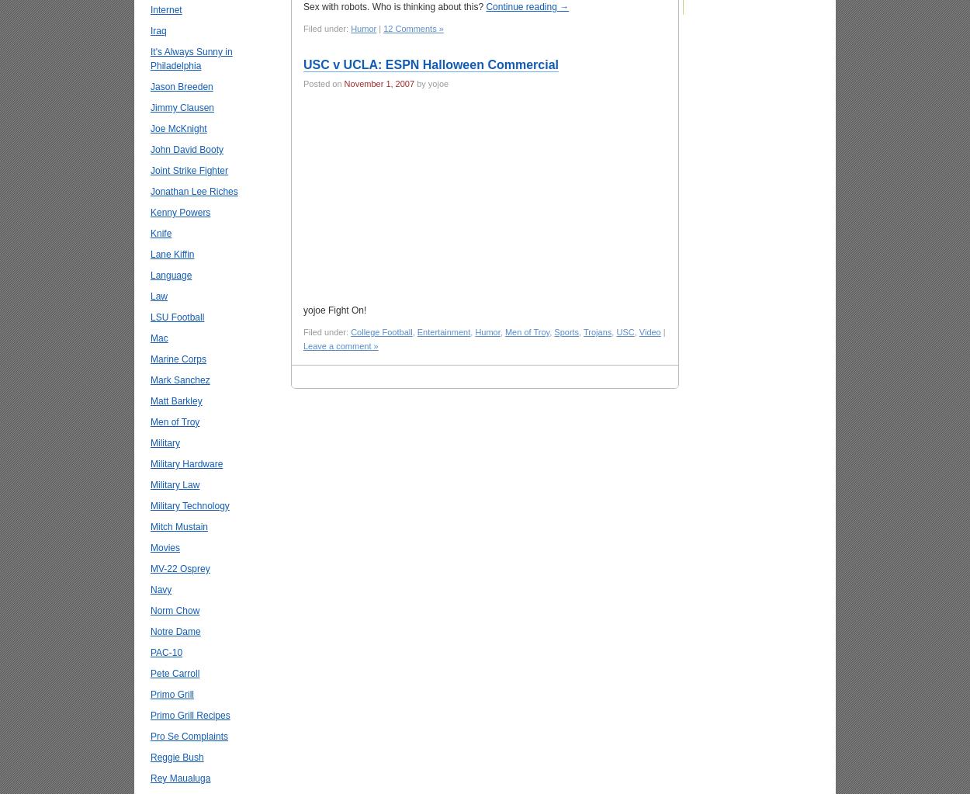  I want to click on 'Jimmy Clausen', so click(182, 107).